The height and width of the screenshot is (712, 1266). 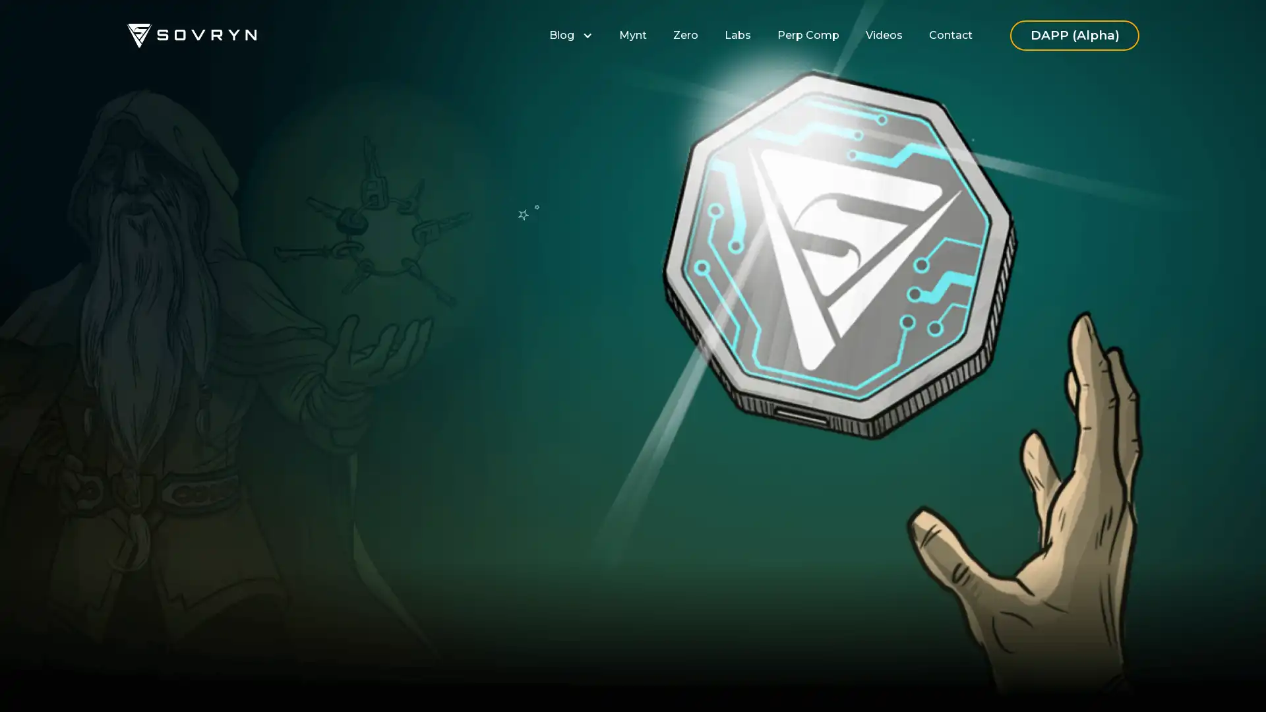 I want to click on Sign me up!, so click(x=472, y=441).